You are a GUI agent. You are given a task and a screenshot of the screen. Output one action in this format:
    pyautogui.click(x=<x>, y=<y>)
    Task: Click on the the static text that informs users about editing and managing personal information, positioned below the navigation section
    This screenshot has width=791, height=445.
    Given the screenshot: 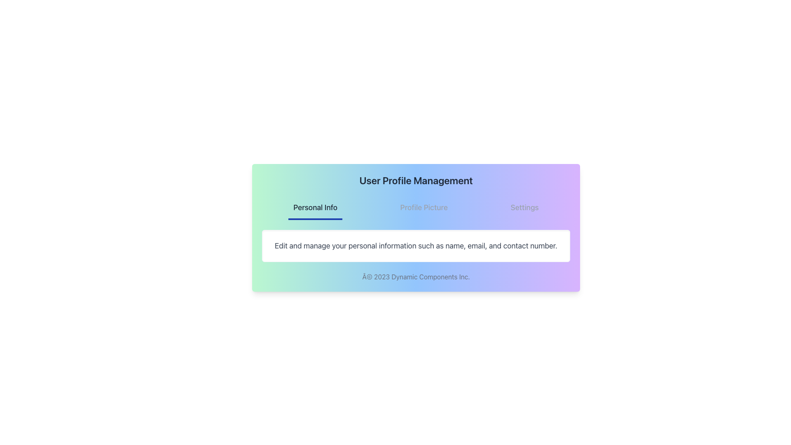 What is the action you would take?
    pyautogui.click(x=416, y=246)
    